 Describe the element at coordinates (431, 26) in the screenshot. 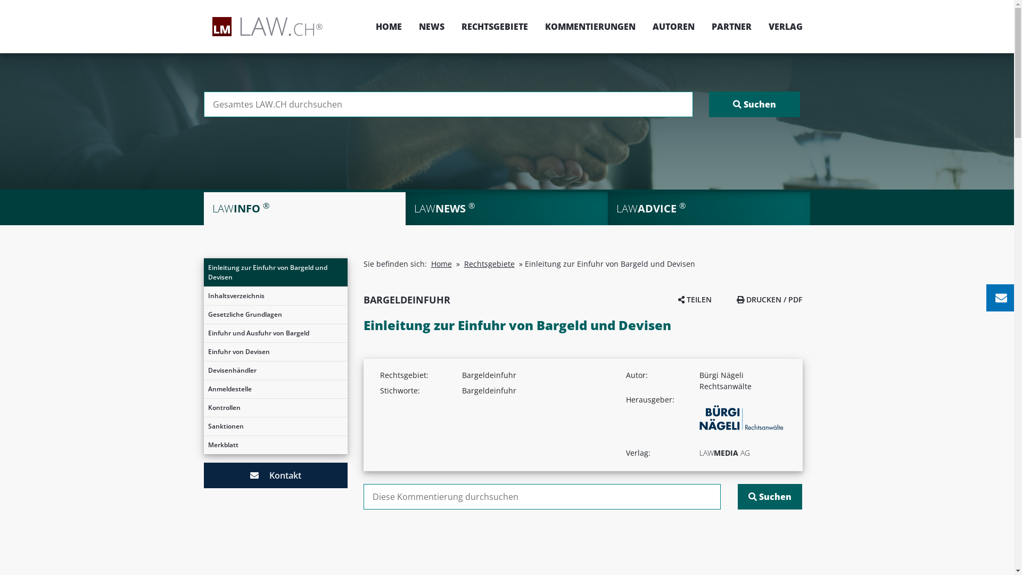

I see `'NEWS'` at that location.